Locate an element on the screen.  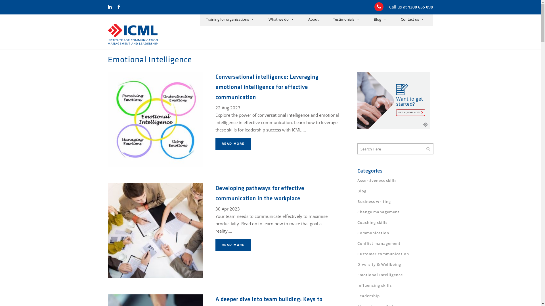
'Diversity & Wellbeing' is located at coordinates (379, 264).